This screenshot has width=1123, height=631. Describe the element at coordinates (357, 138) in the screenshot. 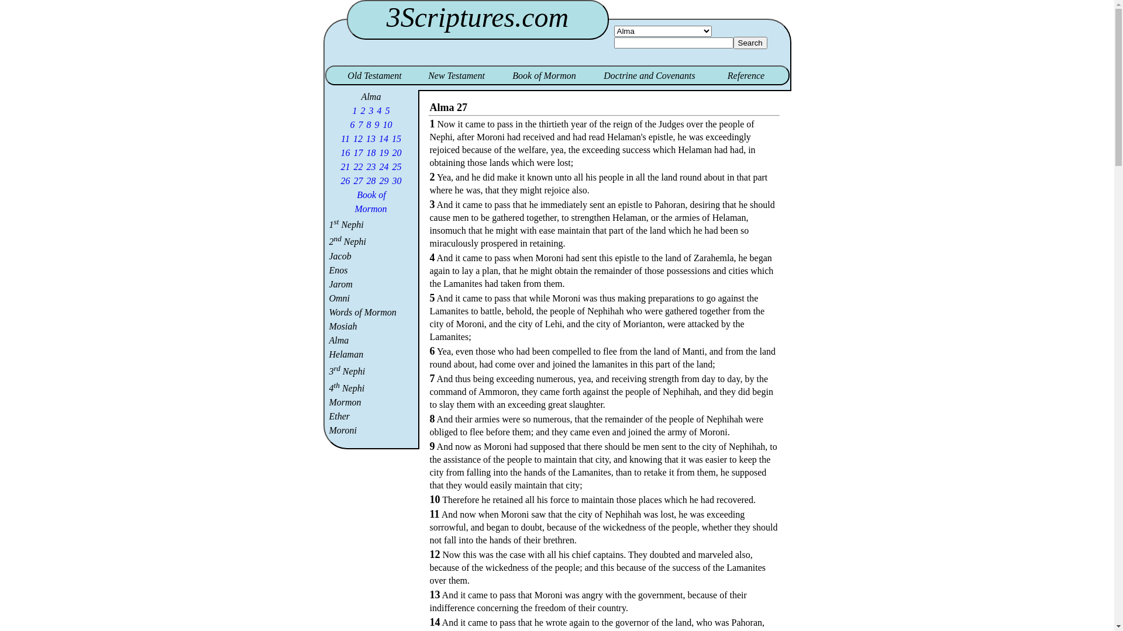

I see `'12'` at that location.